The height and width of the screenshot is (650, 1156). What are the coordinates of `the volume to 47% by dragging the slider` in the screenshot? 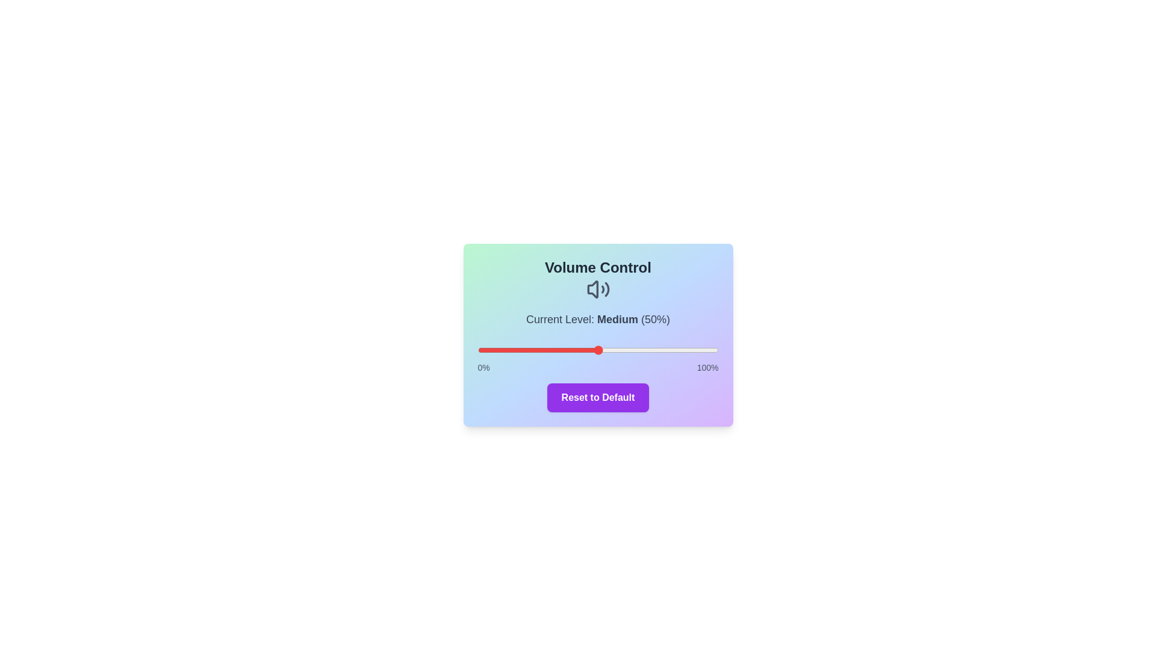 It's located at (591, 350).